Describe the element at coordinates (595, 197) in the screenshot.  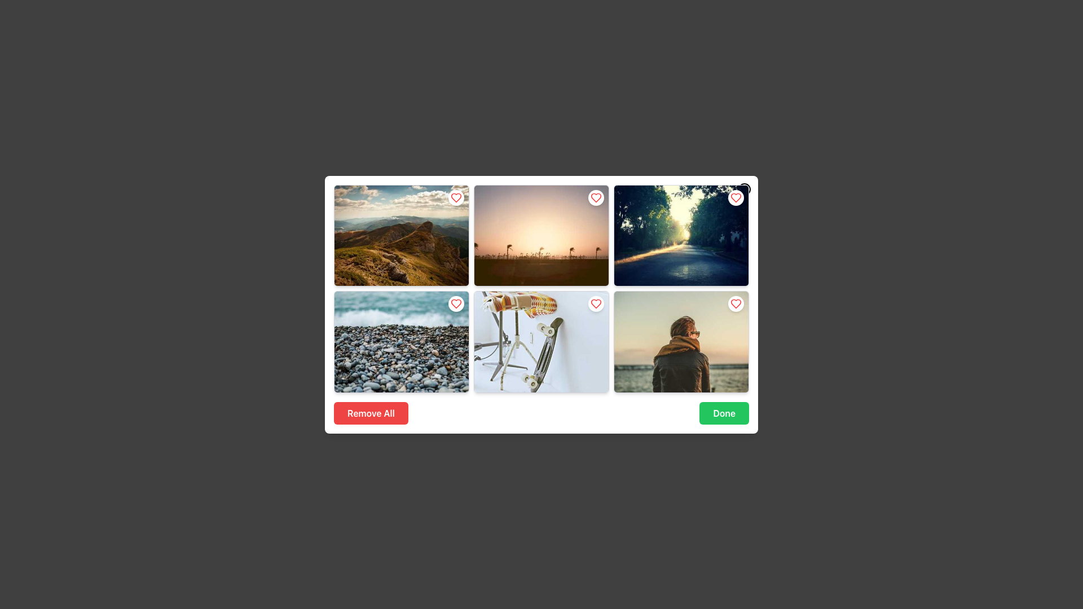
I see `the favorite button located at the top-right corner of the second card in the grid layout` at that location.